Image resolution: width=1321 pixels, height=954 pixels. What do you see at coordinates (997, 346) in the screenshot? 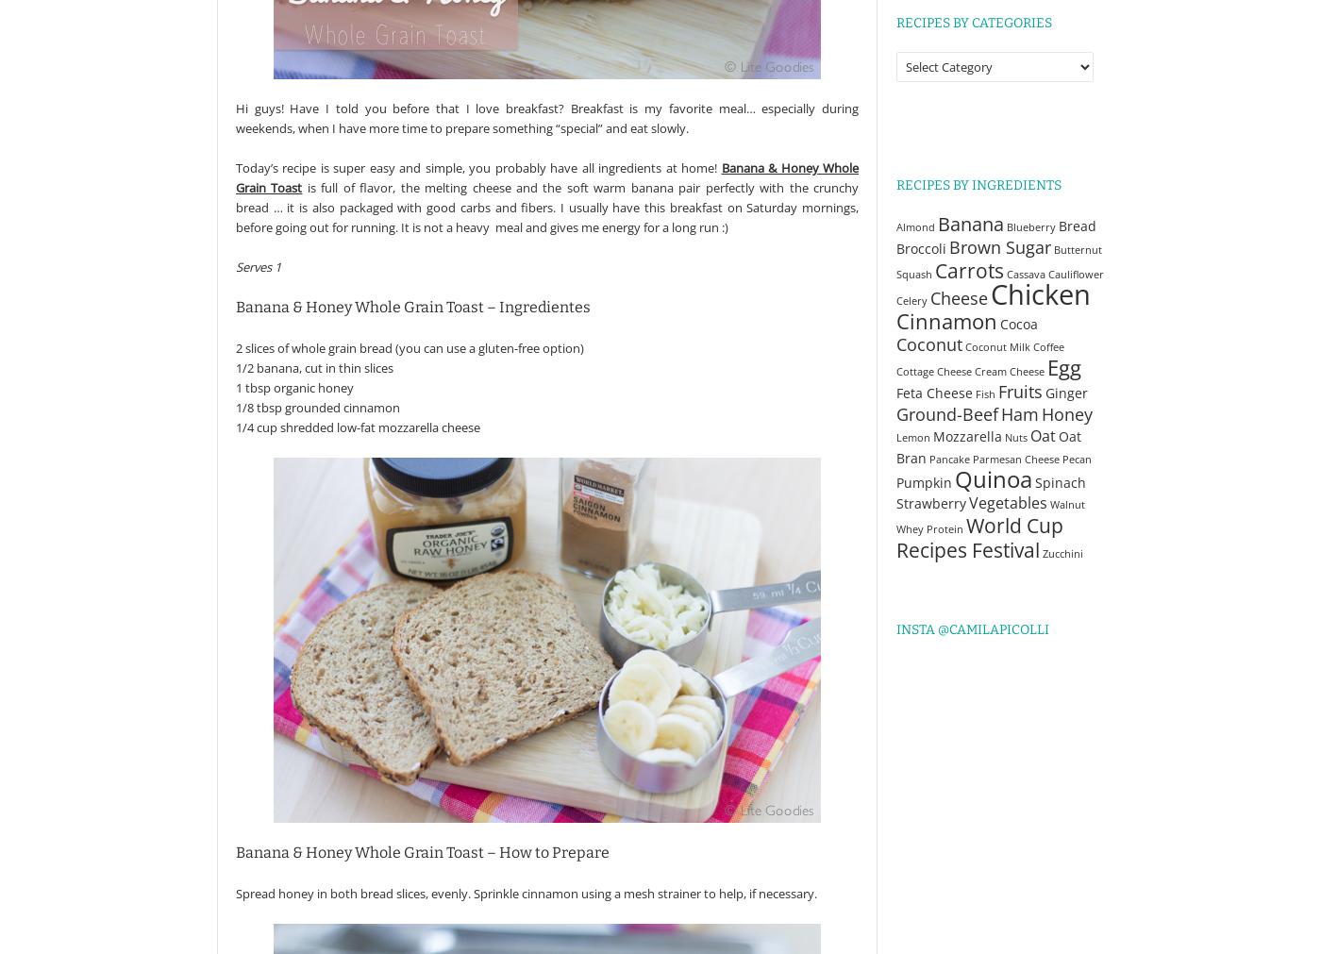
I see `'Coconut Milk'` at bounding box center [997, 346].